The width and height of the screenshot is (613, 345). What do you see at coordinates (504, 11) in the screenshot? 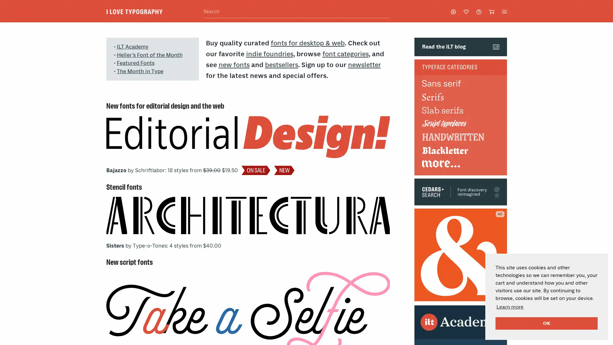
I see `Menu` at bounding box center [504, 11].